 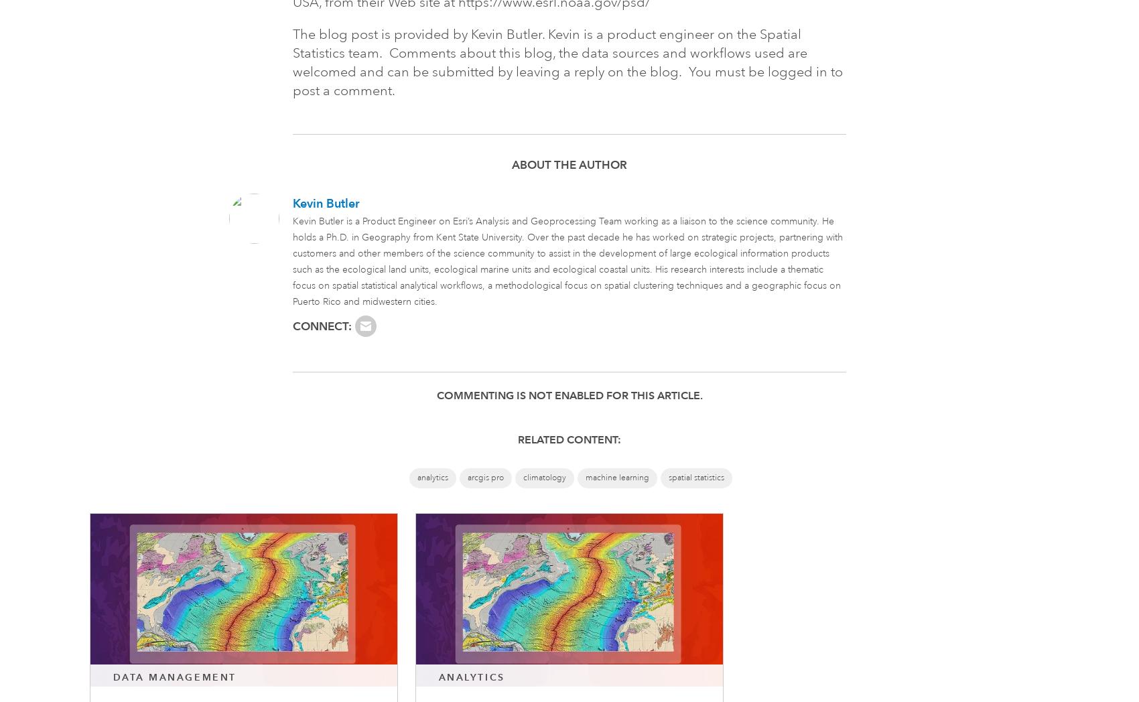 What do you see at coordinates (468, 476) in the screenshot?
I see `'arcgis pro'` at bounding box center [468, 476].